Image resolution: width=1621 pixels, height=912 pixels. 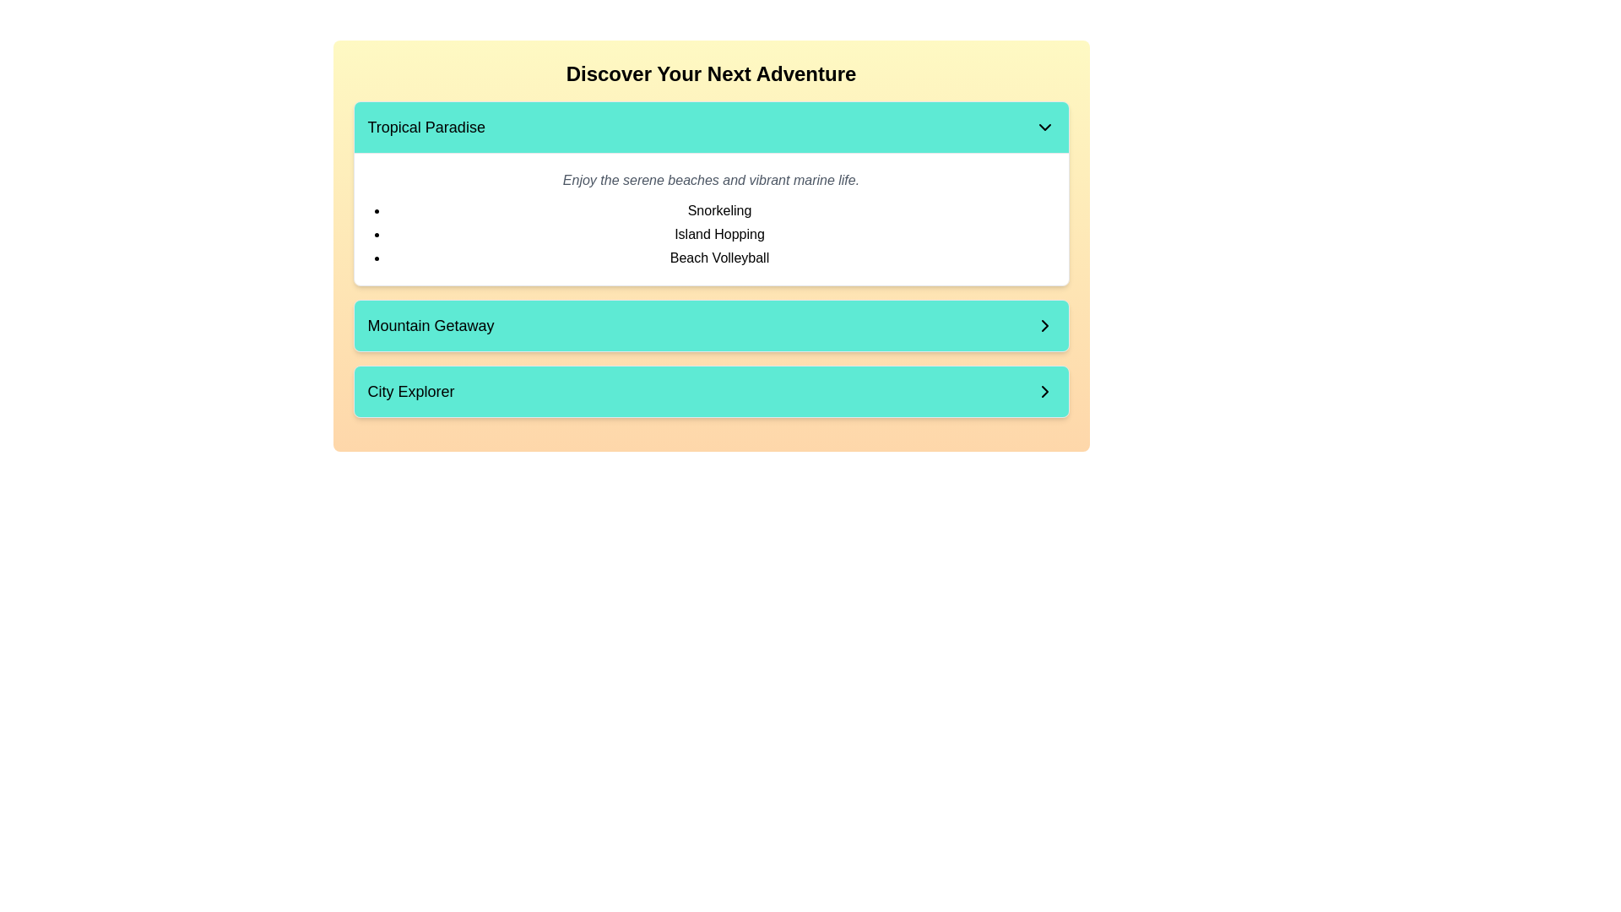 What do you see at coordinates (711, 234) in the screenshot?
I see `an item in the bulleted list under the section 'Tropical Paradise' that enumerates activities associated with it` at bounding box center [711, 234].